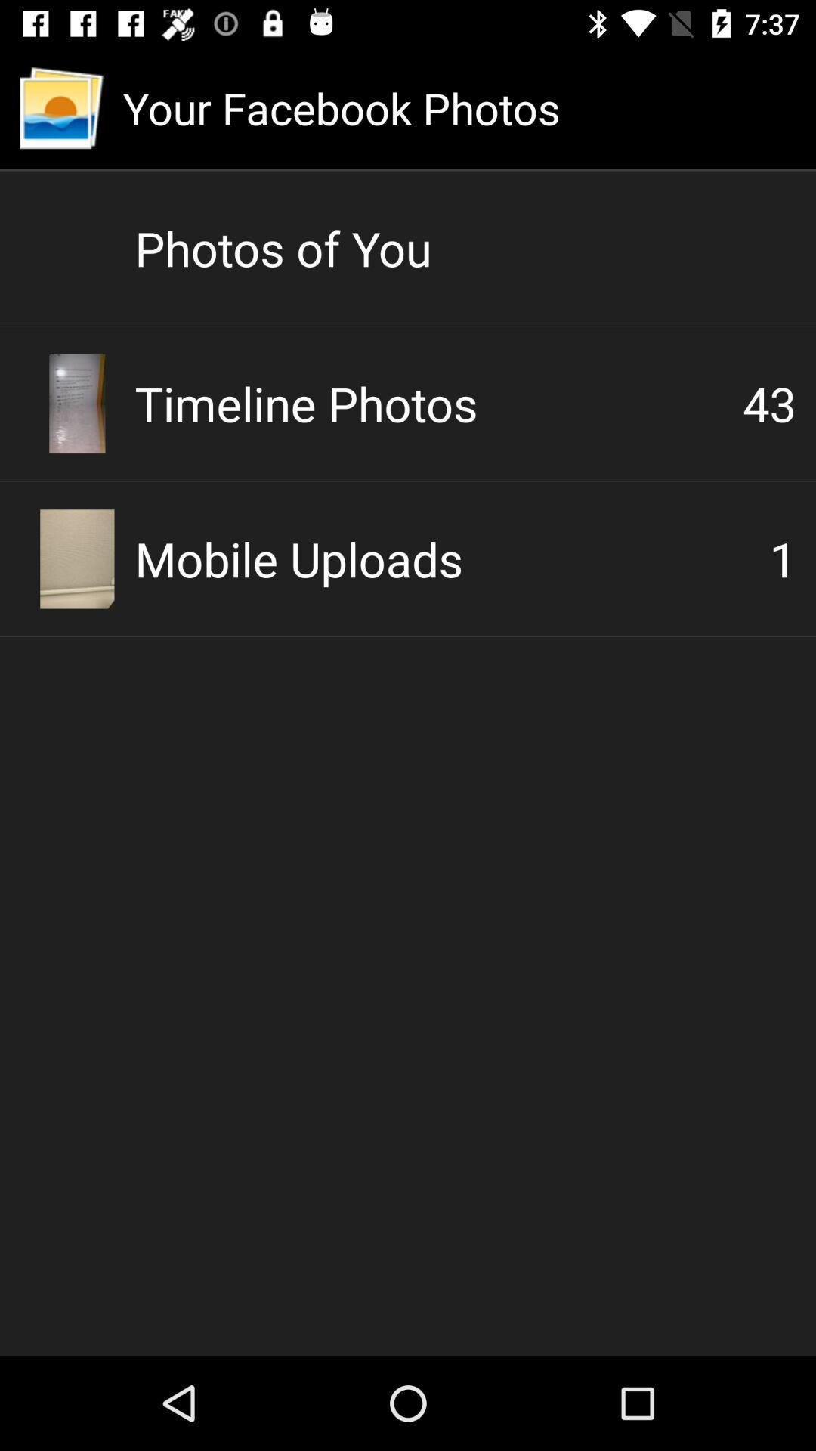 The width and height of the screenshot is (816, 1451). Describe the element at coordinates (769, 403) in the screenshot. I see `the 43` at that location.